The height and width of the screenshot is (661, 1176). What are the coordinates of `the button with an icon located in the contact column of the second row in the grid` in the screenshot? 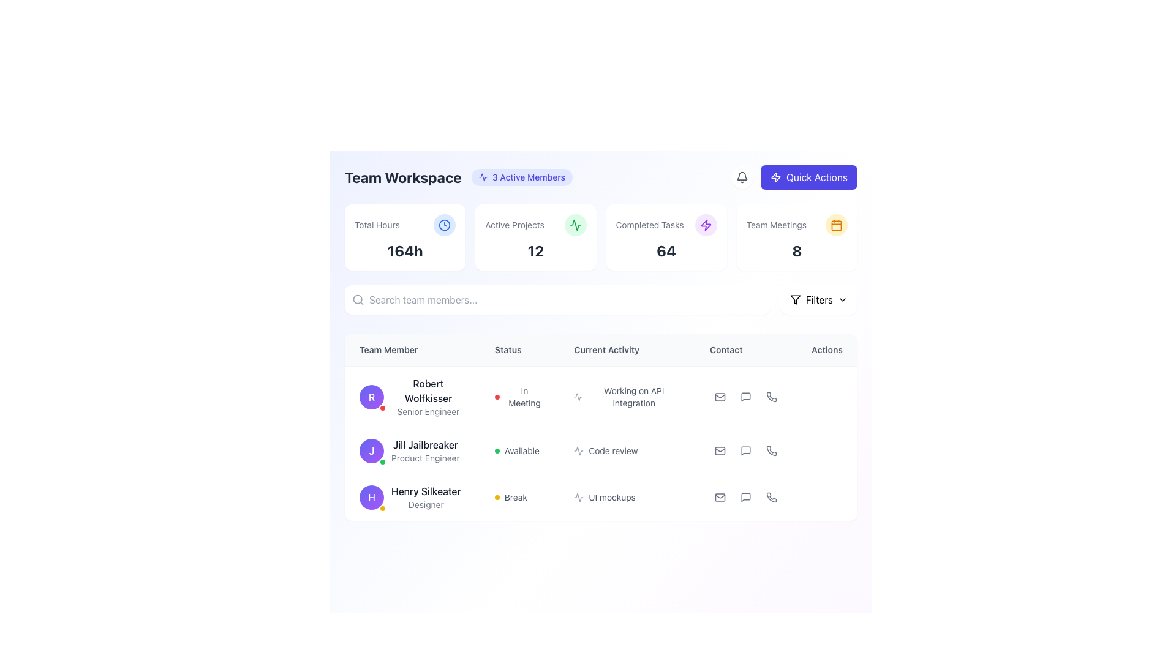 It's located at (745, 450).